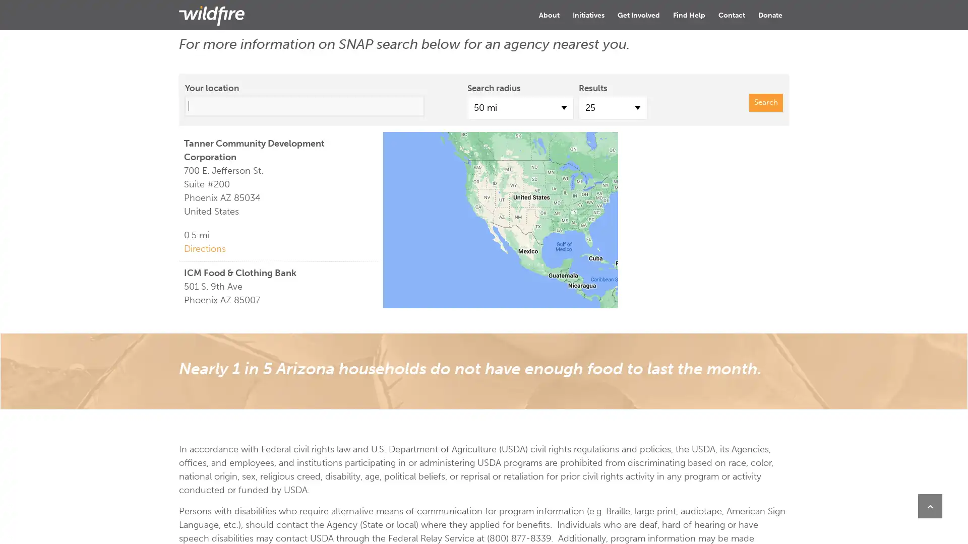 The image size is (968, 544). What do you see at coordinates (590, 199) in the screenshot?
I see `Helping Families in Need at Womens Hope Center` at bounding box center [590, 199].